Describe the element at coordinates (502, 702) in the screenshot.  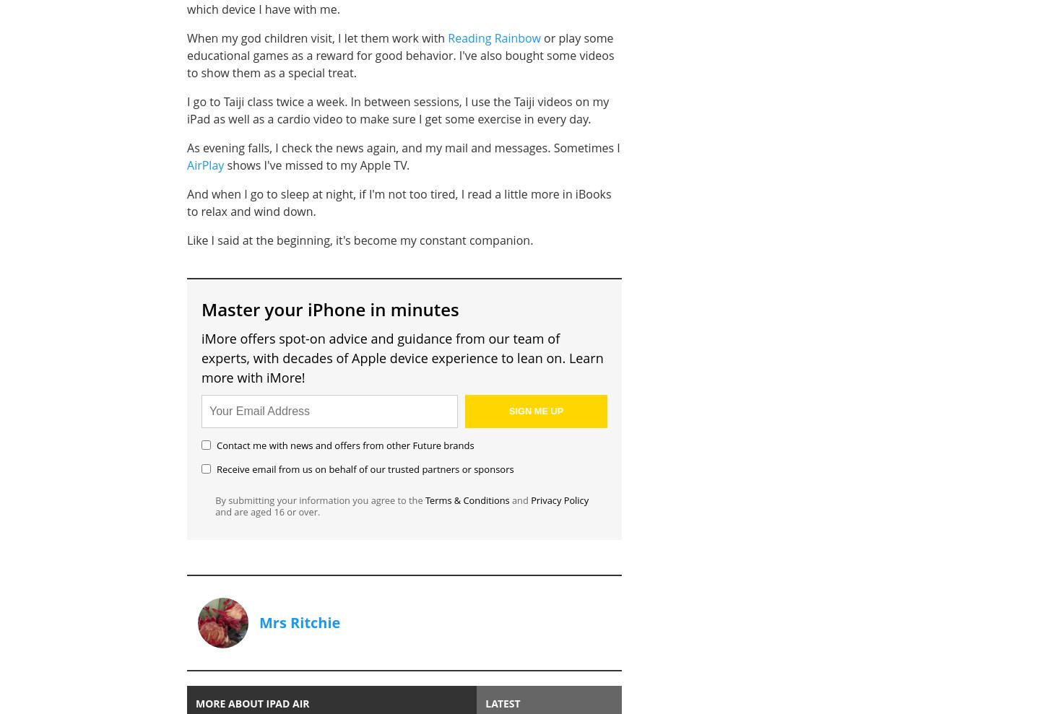
I see `'Latest'` at that location.